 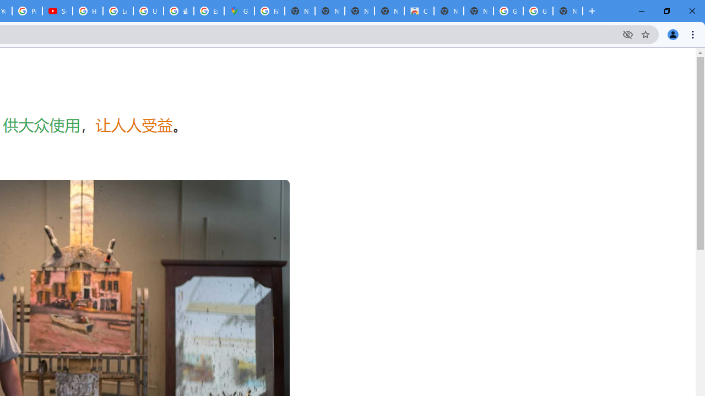 What do you see at coordinates (57, 11) in the screenshot?
I see `'Subscriptions - YouTube'` at bounding box center [57, 11].